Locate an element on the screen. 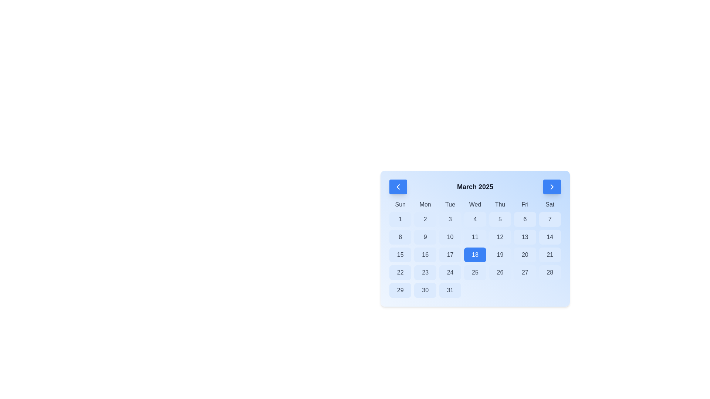  the button representing the date of the 23rd in the calendar is located at coordinates (425, 272).